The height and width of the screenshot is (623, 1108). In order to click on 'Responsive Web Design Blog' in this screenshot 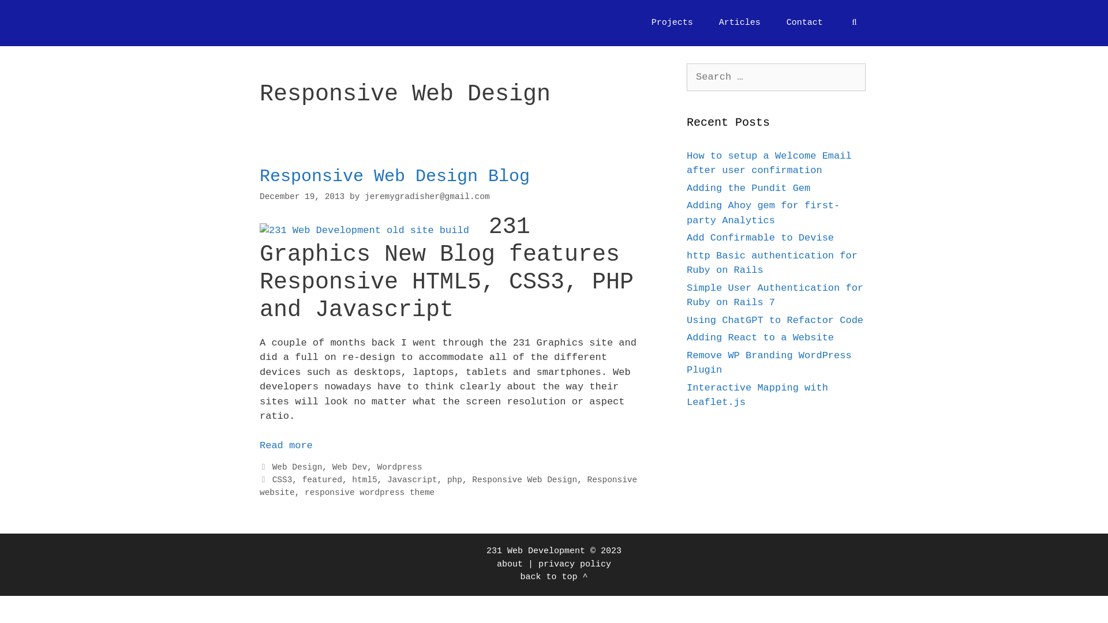, I will do `click(395, 176)`.